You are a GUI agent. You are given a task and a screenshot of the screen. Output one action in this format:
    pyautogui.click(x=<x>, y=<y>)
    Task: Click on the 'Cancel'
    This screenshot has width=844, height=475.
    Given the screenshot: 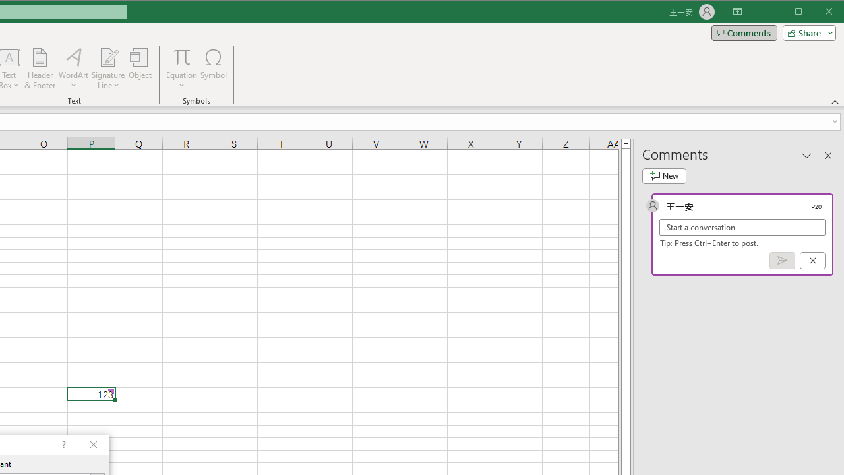 What is the action you would take?
    pyautogui.click(x=812, y=261)
    